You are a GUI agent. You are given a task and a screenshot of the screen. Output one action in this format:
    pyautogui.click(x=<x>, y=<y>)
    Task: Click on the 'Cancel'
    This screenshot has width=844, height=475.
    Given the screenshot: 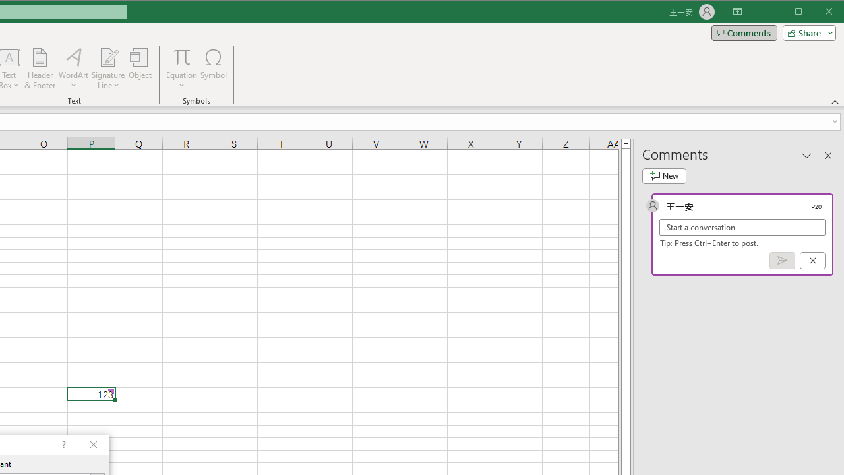 What is the action you would take?
    pyautogui.click(x=812, y=261)
    